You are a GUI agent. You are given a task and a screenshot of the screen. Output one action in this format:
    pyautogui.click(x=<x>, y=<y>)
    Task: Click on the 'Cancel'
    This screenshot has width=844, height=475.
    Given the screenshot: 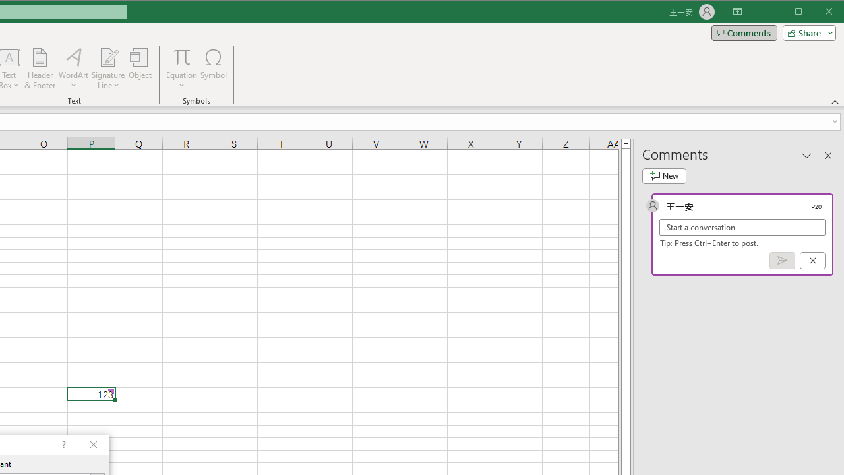 What is the action you would take?
    pyautogui.click(x=812, y=261)
    